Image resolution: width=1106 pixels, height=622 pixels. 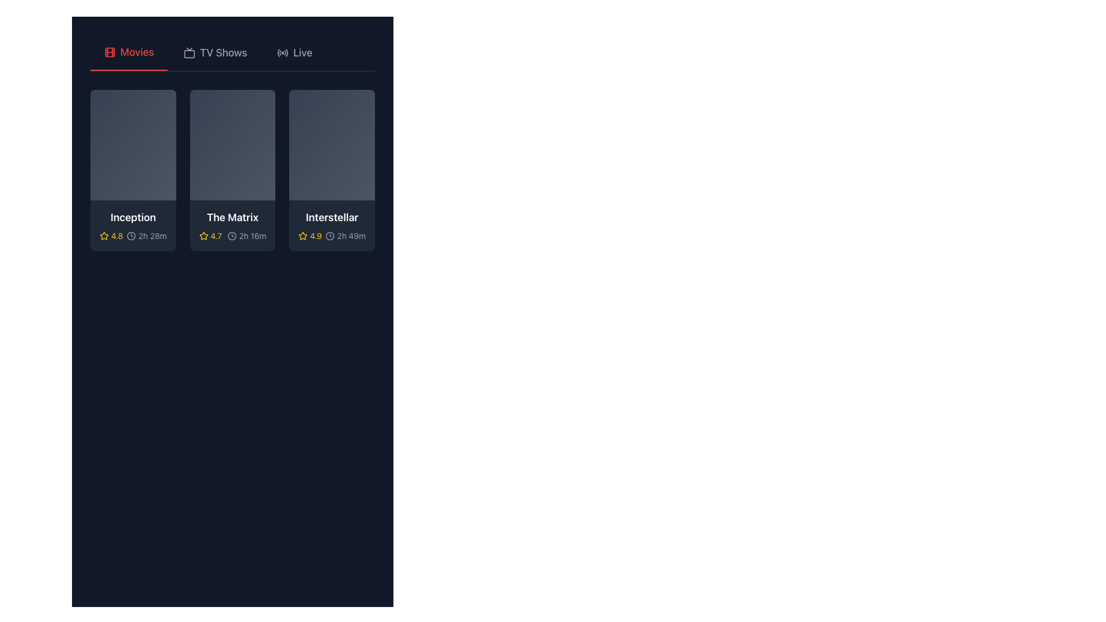 What do you see at coordinates (104, 235) in the screenshot?
I see `the star-shaped icon outlined in yellow that represents a rating or favorite indicator, located adjacent to the numeric rating value '4.8' in the 'Inception' movie card` at bounding box center [104, 235].